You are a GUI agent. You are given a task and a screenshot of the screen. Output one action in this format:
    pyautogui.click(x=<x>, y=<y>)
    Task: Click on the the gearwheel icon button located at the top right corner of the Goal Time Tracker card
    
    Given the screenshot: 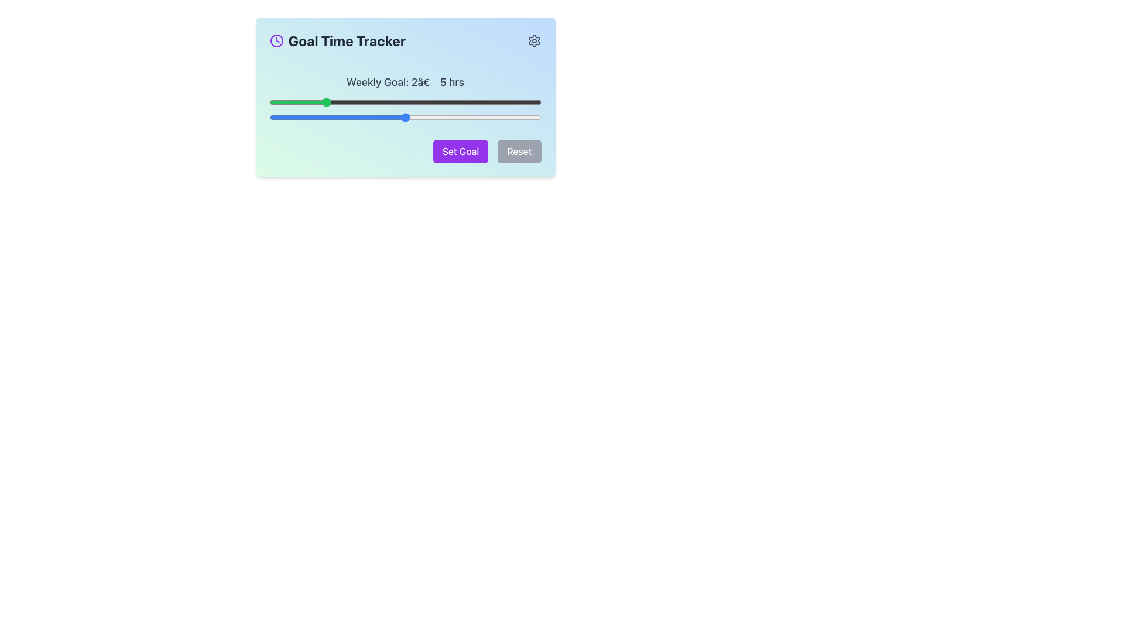 What is the action you would take?
    pyautogui.click(x=533, y=40)
    